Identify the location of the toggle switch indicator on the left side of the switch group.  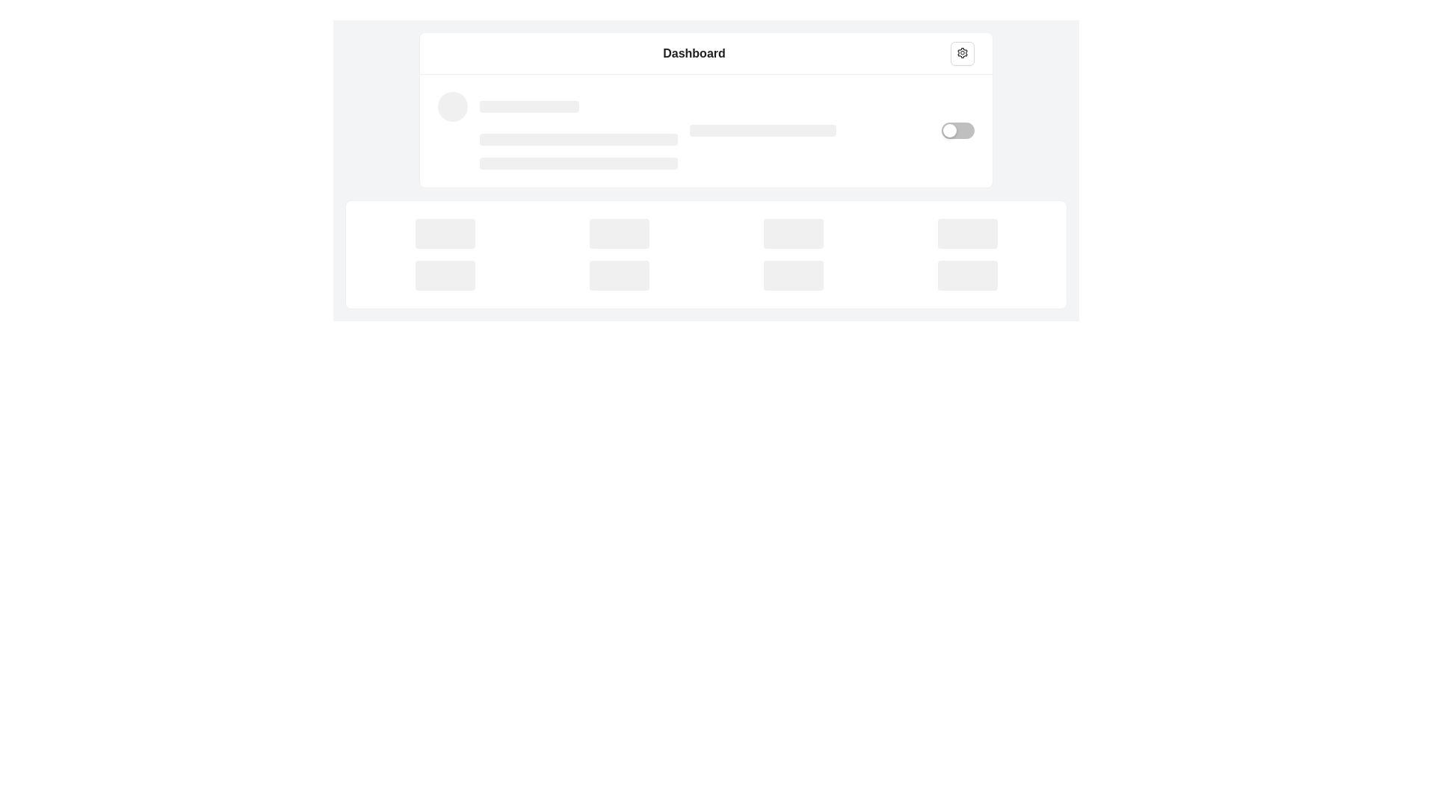
(935, 129).